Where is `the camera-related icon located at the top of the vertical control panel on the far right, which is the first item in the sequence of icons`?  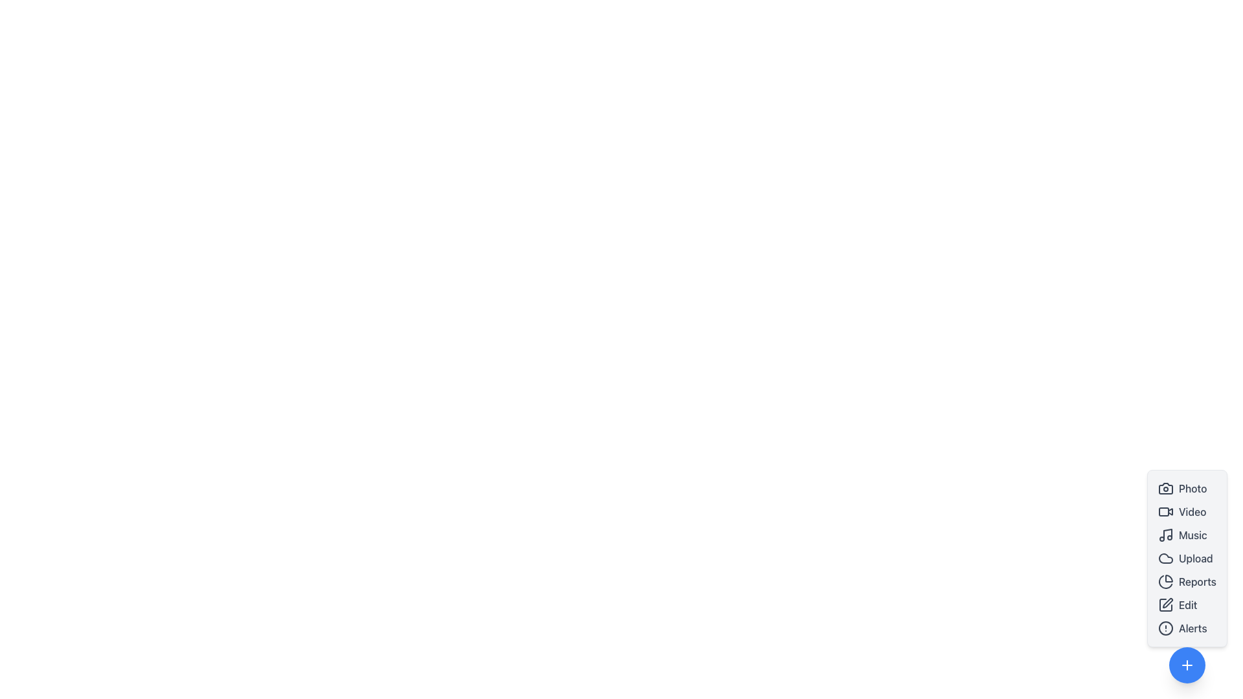 the camera-related icon located at the top of the vertical control panel on the far right, which is the first item in the sequence of icons is located at coordinates (1165, 489).